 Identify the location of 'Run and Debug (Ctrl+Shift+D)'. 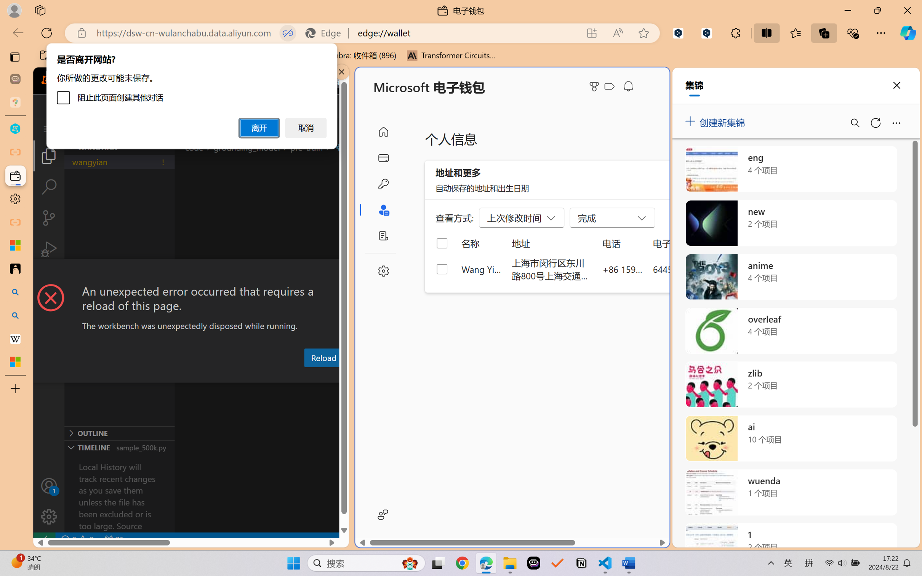
(48, 249).